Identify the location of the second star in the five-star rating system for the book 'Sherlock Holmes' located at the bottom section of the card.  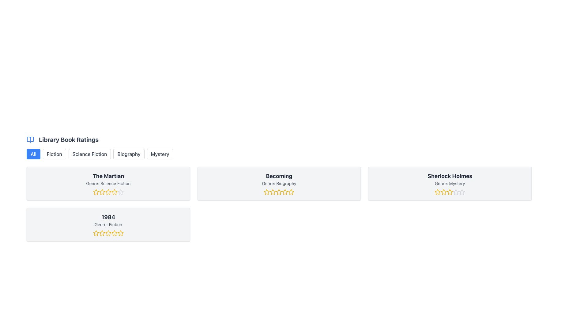
(450, 192).